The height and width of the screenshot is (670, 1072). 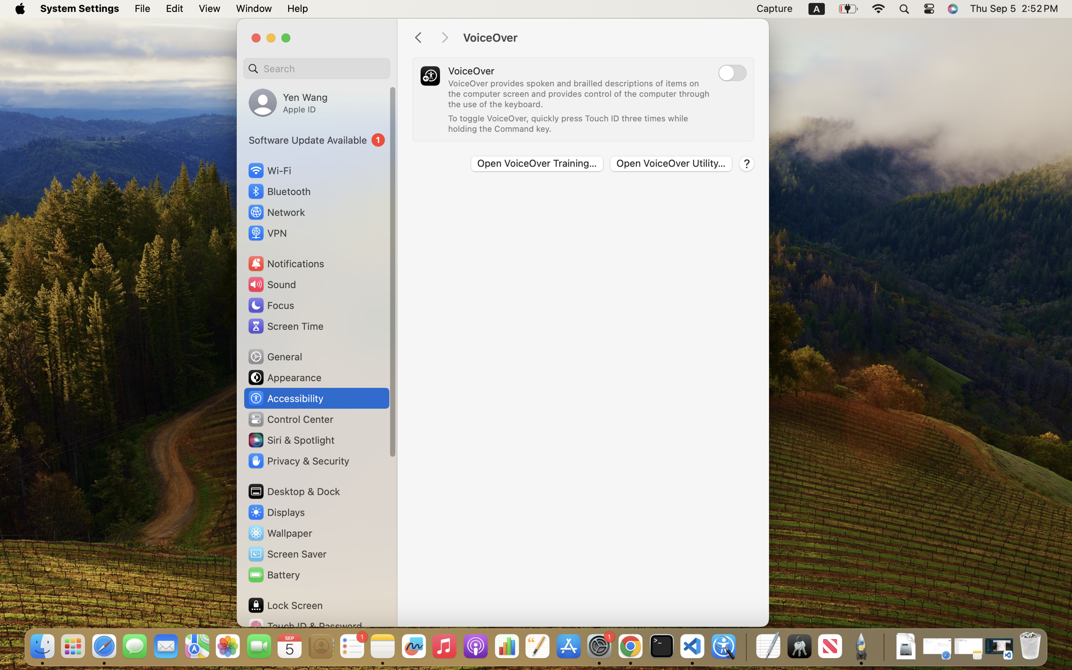 I want to click on 'Notifications', so click(x=285, y=263).